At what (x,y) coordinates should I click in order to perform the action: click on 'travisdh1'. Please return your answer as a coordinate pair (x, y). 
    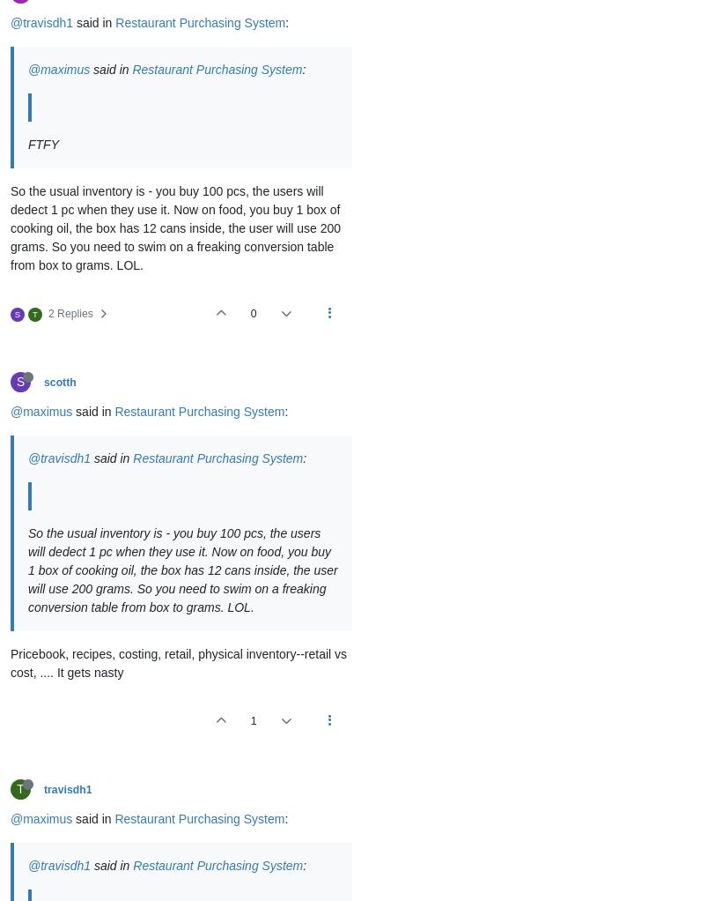
    Looking at the image, I should click on (67, 788).